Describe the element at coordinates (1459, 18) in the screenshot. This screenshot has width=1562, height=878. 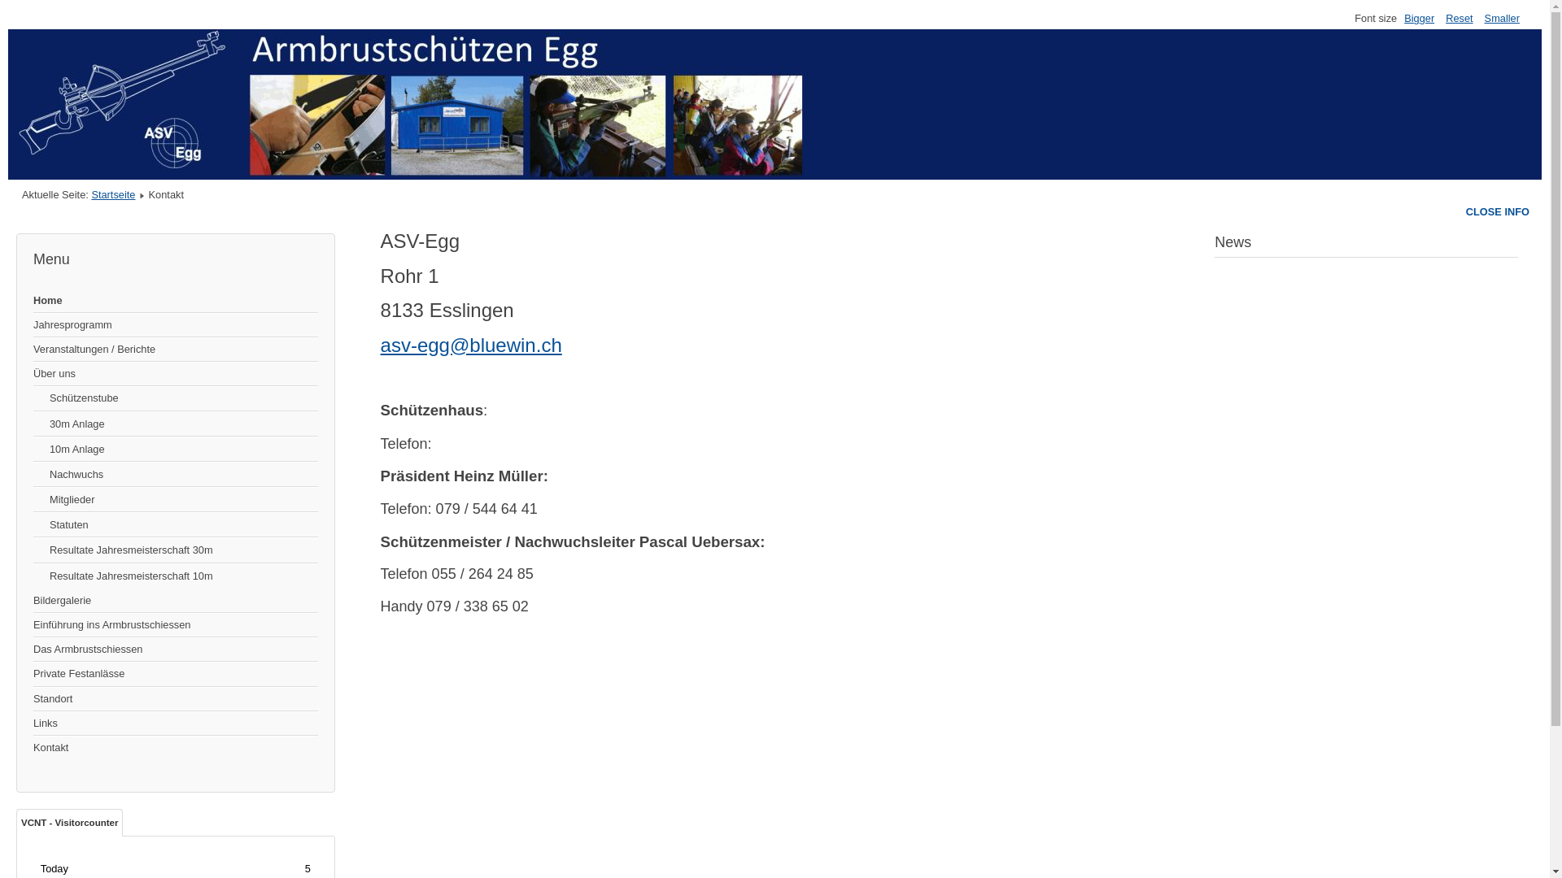
I see `'Reset'` at that location.